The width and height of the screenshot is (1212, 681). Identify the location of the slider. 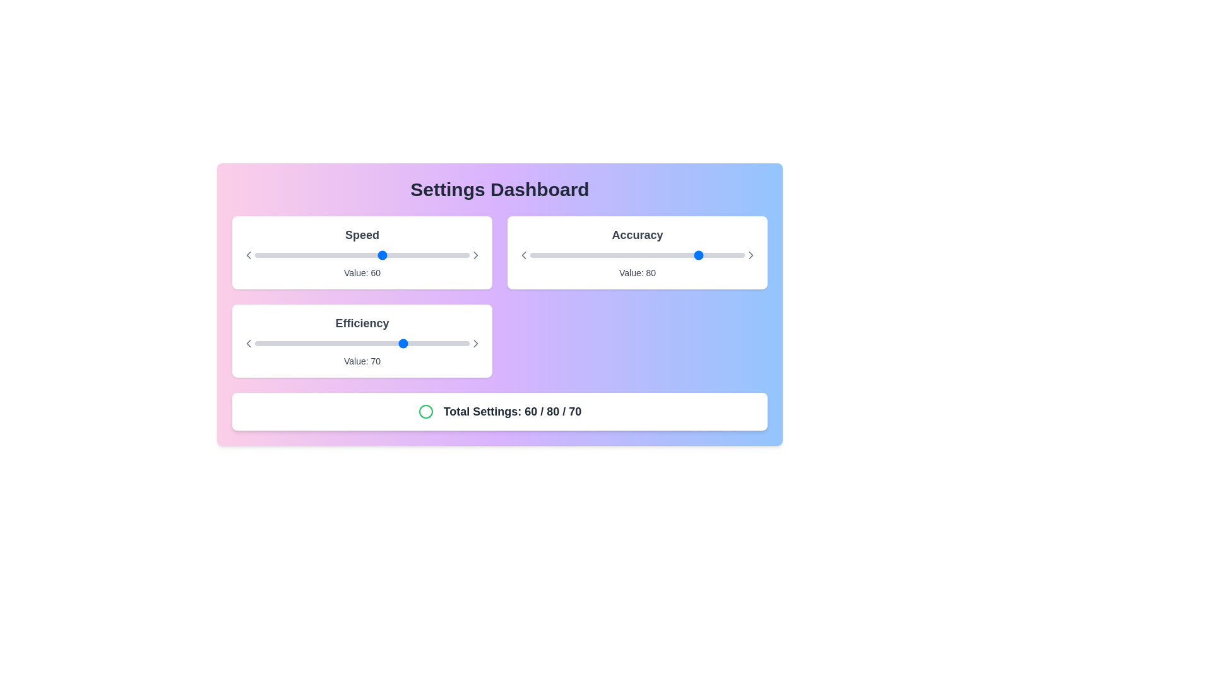
(280, 255).